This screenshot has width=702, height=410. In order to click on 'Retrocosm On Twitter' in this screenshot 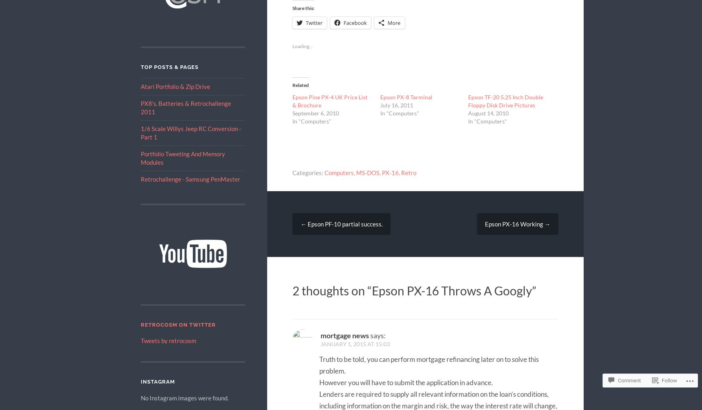, I will do `click(178, 325)`.